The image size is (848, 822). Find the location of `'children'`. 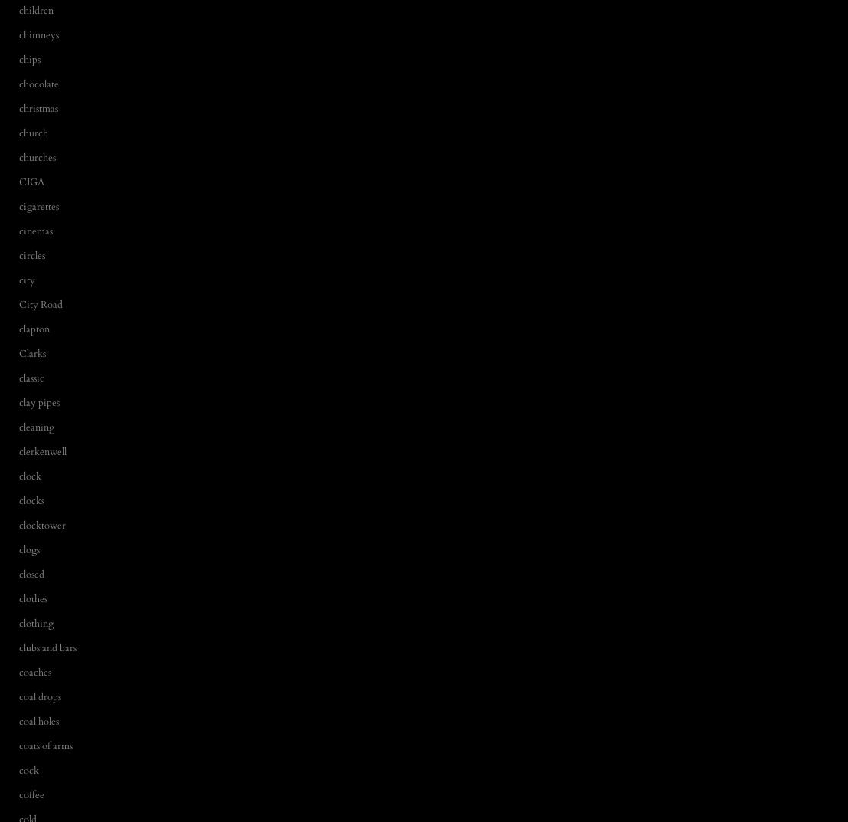

'children' is located at coordinates (35, 8).